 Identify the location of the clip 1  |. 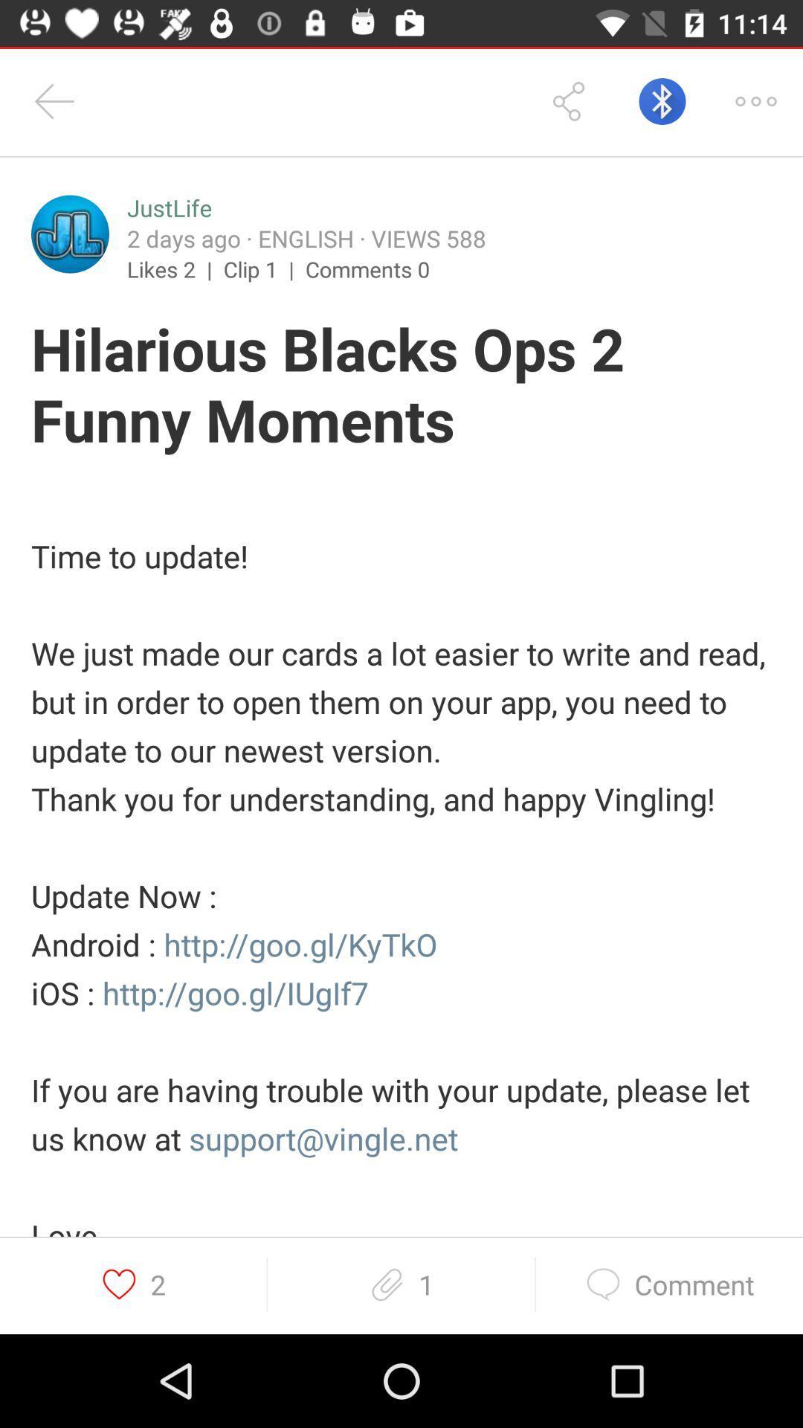
(263, 268).